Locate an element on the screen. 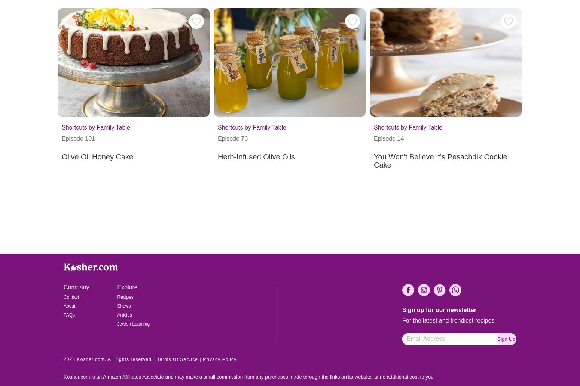  'For the latest and trendiest recipes' is located at coordinates (448, 320).